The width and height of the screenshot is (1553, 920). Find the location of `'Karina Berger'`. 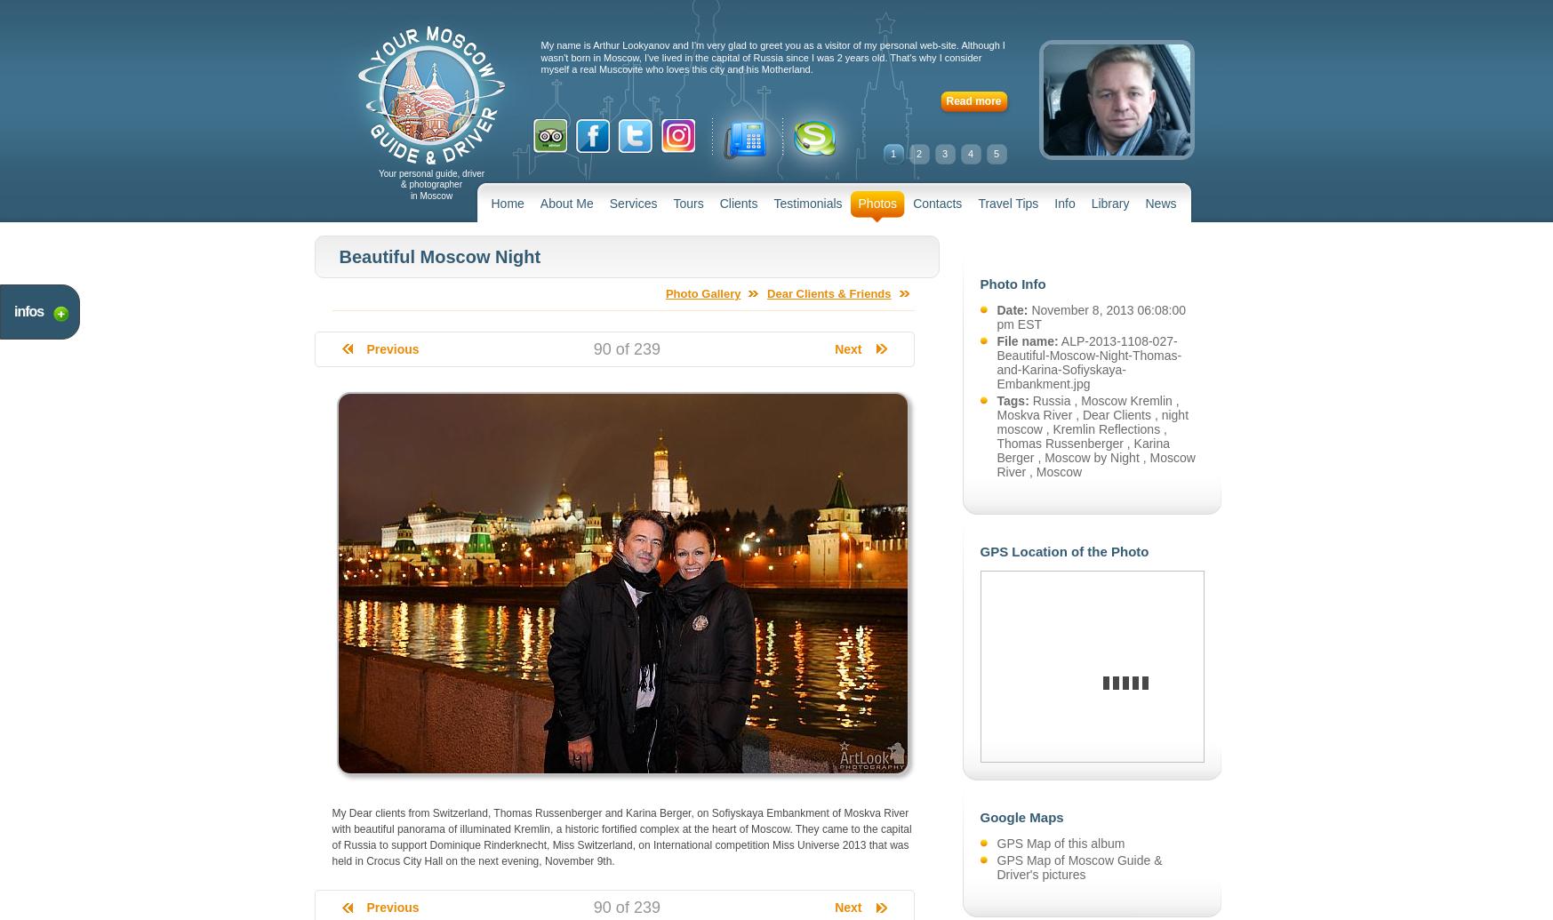

'Karina Berger' is located at coordinates (1083, 451).